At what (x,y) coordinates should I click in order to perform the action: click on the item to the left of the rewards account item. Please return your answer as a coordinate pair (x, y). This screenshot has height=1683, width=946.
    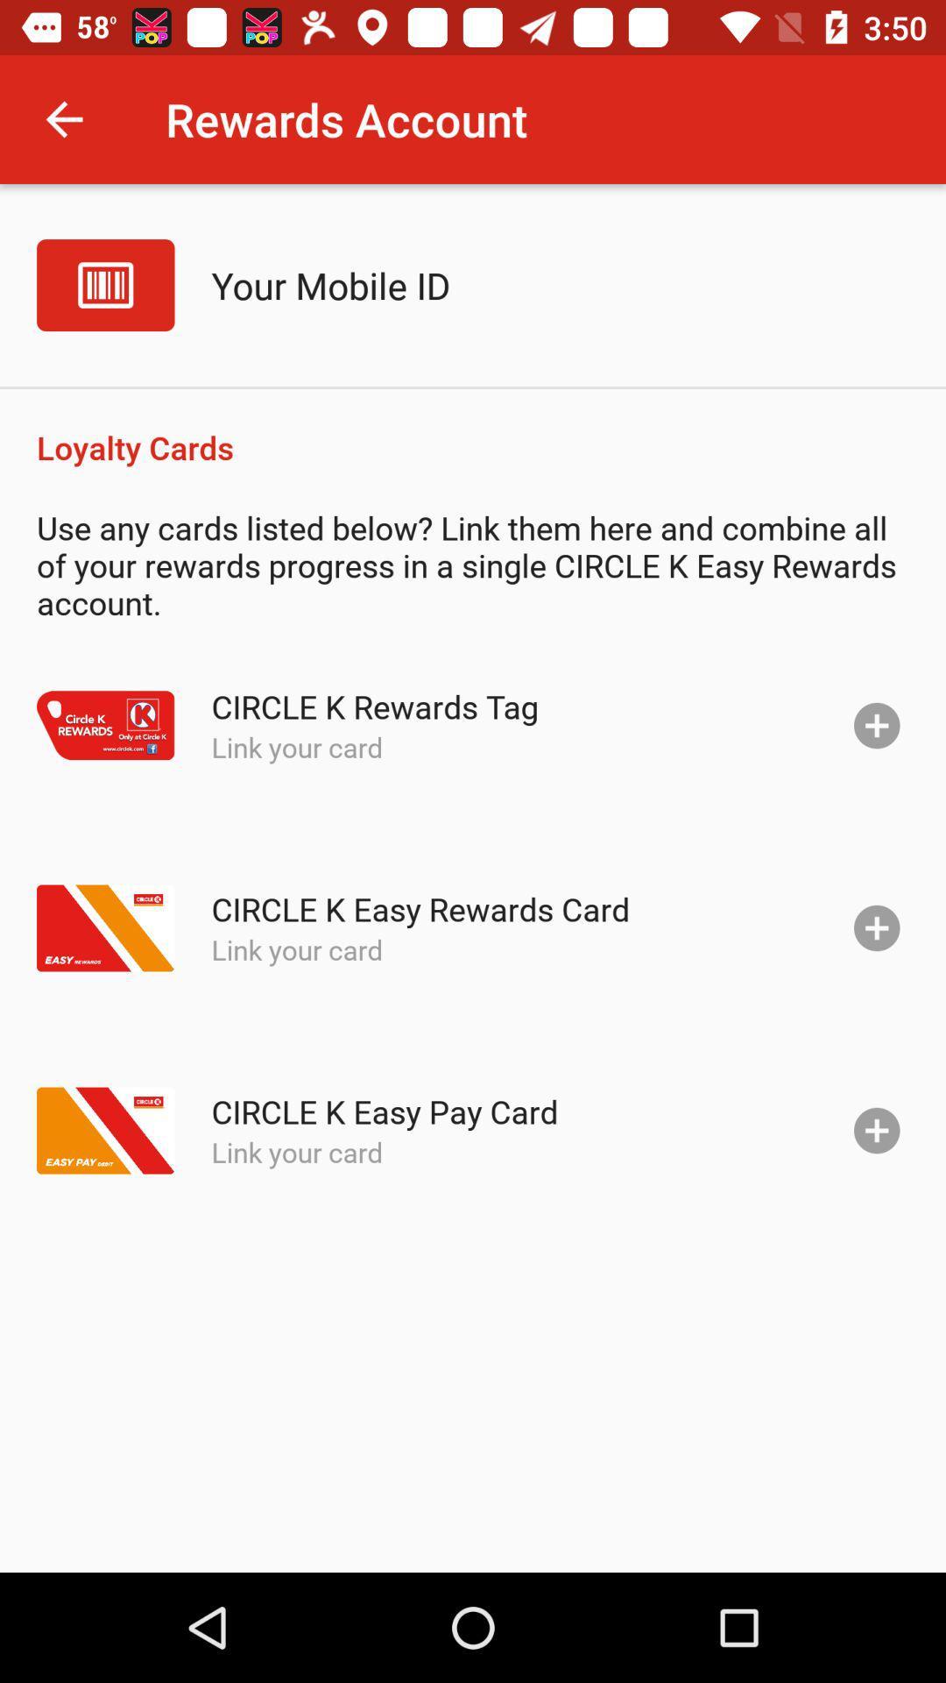
    Looking at the image, I should click on (63, 118).